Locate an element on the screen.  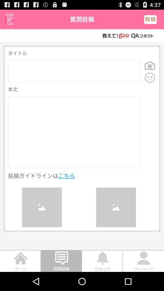
the date_range icon is located at coordinates (9, 20).